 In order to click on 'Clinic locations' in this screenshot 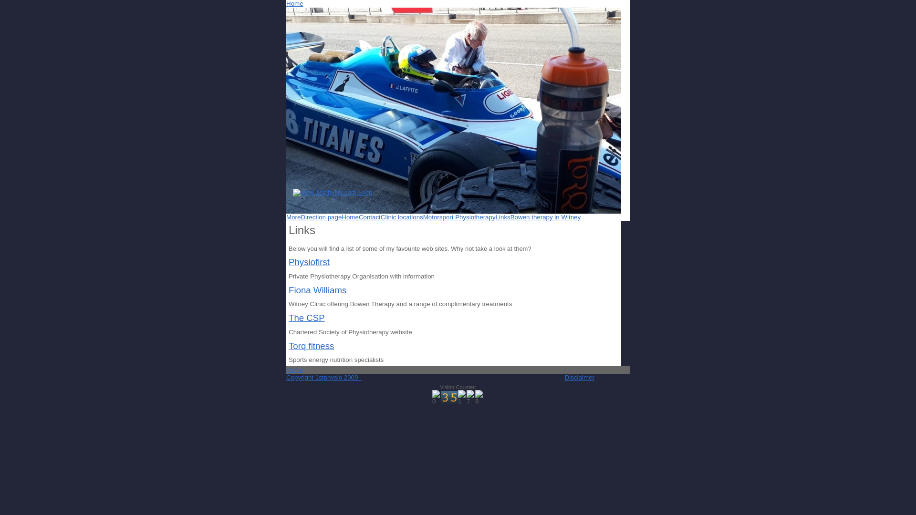, I will do `click(402, 217)`.